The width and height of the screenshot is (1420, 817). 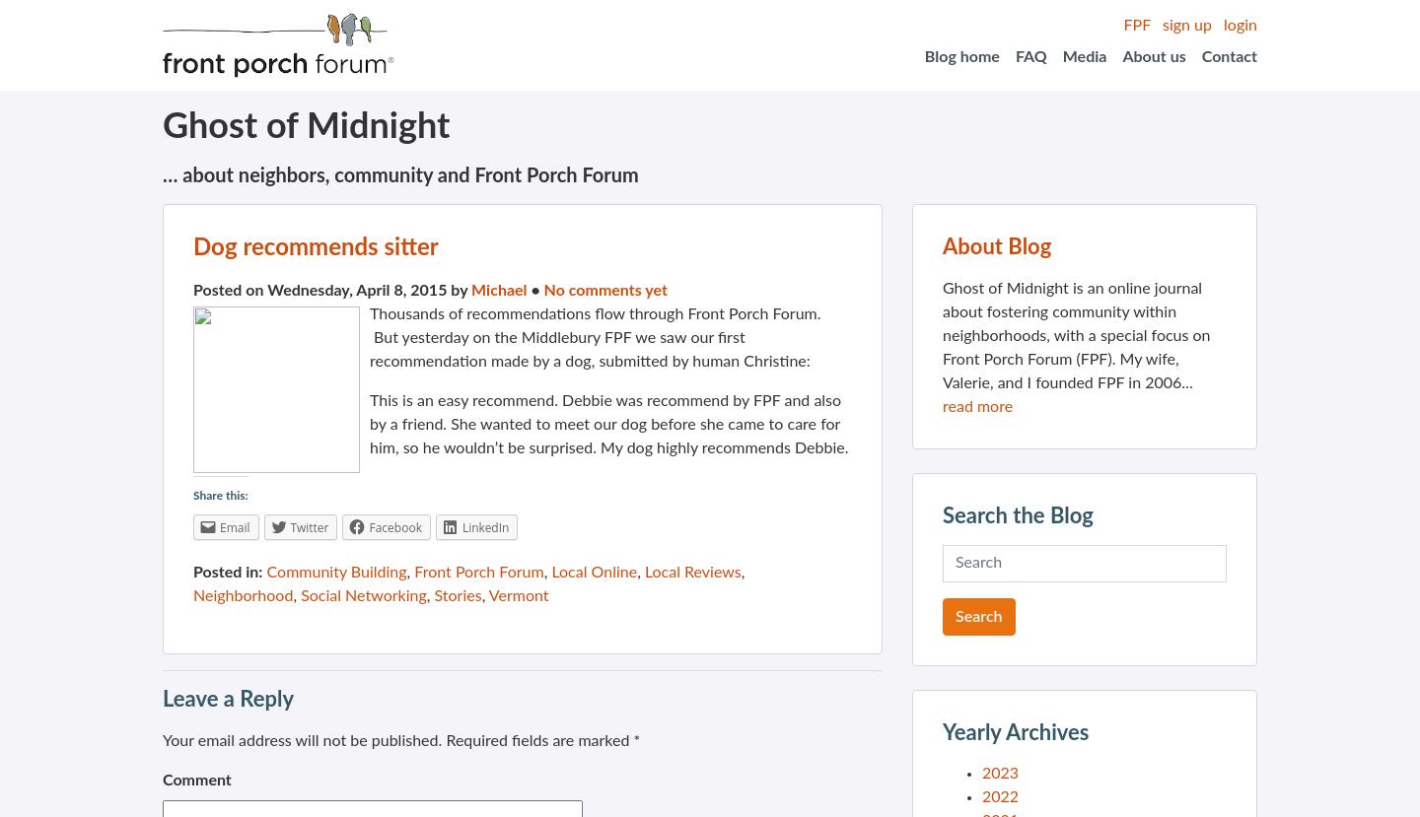 What do you see at coordinates (960, 56) in the screenshot?
I see `'Blog home'` at bounding box center [960, 56].